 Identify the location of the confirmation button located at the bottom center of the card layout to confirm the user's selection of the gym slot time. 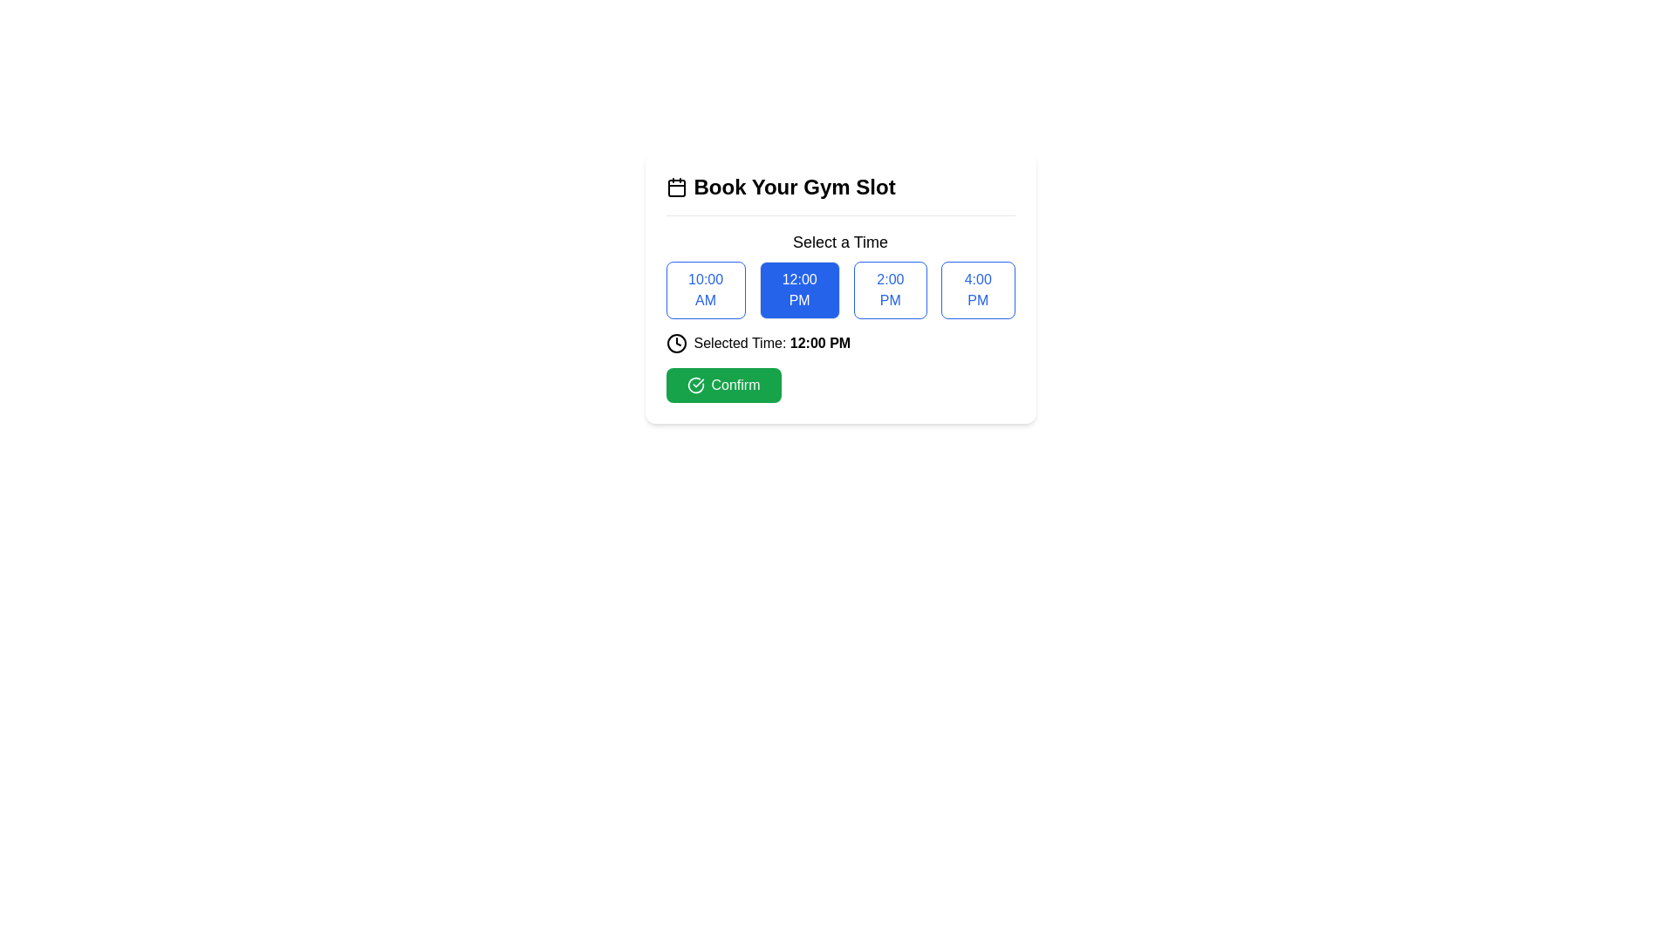
(723, 385).